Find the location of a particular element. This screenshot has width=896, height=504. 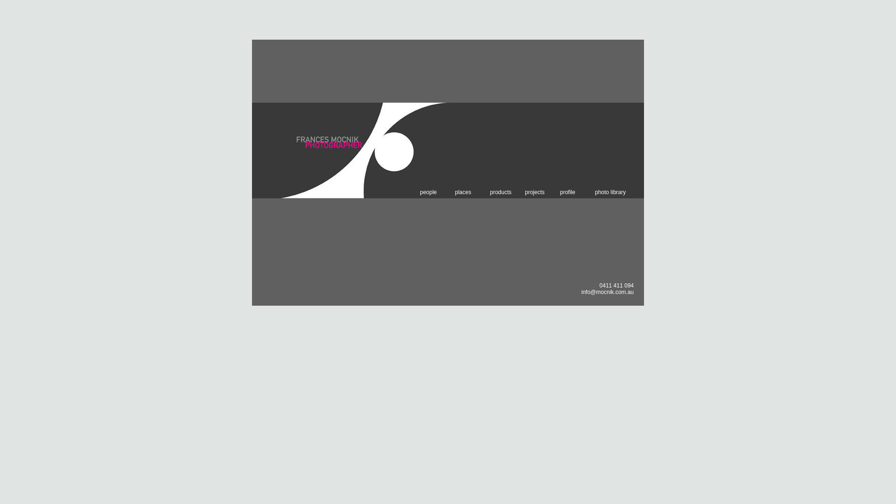

'profile' is located at coordinates (577, 192).